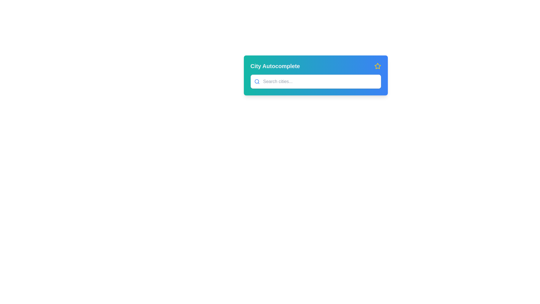 This screenshot has width=540, height=304. I want to click on the star icon, characterized by a yellow outline and blue interior, located at the top-right corner of the UI card next to 'City Autocomplete', to toggle its state, so click(377, 66).